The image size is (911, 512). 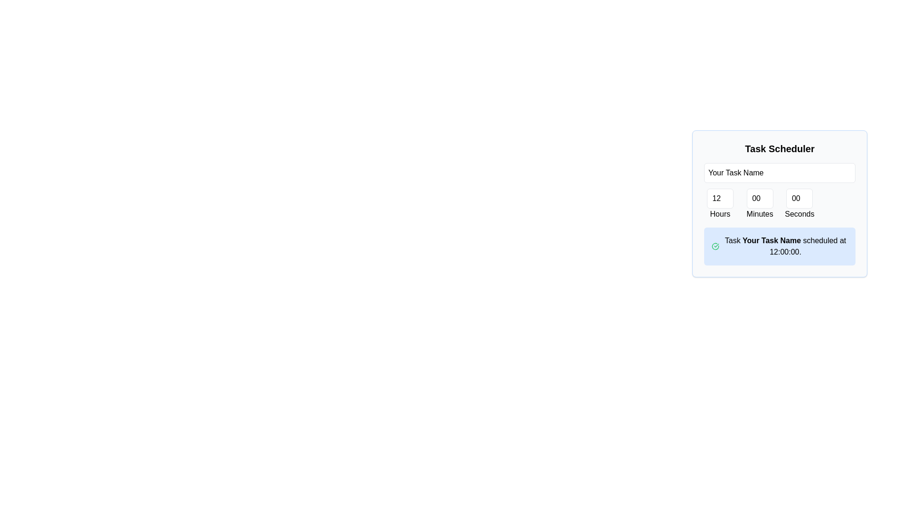 What do you see at coordinates (799, 204) in the screenshot?
I see `the label for the numeric input field specifying seconds in the time configuration, which is located in the third column of a grid structure, directly below the input field with the value '00'` at bounding box center [799, 204].